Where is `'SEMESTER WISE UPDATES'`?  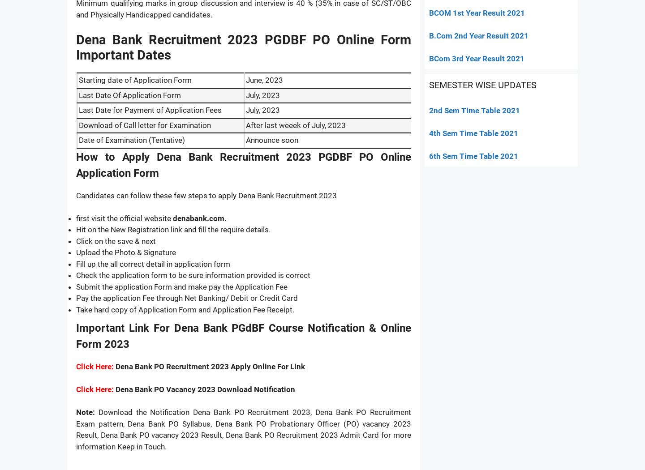
'SEMESTER WISE UPDATES' is located at coordinates (482, 84).